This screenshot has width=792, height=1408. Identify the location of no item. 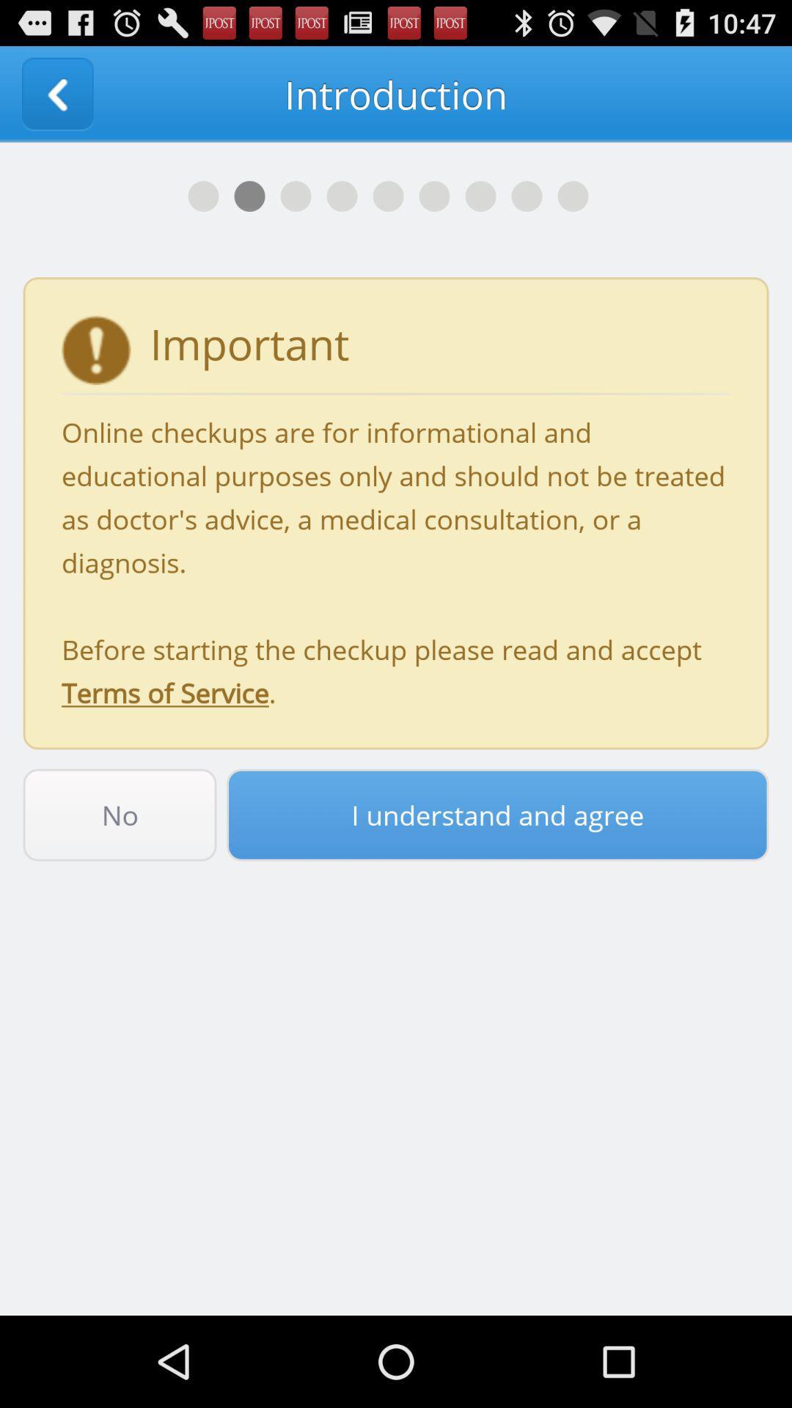
(119, 814).